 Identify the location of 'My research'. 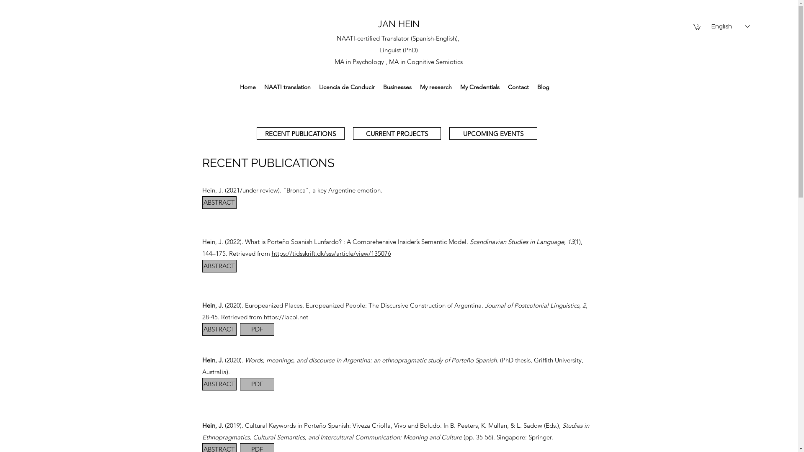
(435, 87).